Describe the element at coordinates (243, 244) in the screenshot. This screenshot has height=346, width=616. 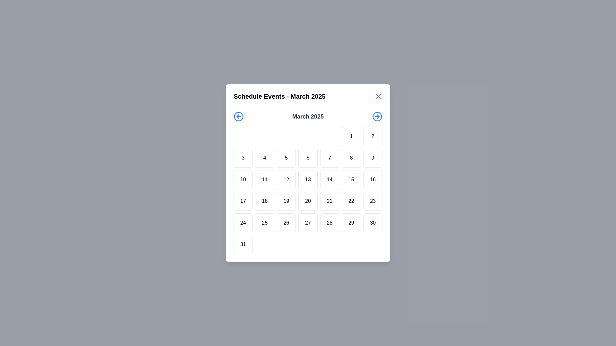
I see `the date selection button for '31' in the bottom-left corner of the calendar grid to change its background color` at that location.